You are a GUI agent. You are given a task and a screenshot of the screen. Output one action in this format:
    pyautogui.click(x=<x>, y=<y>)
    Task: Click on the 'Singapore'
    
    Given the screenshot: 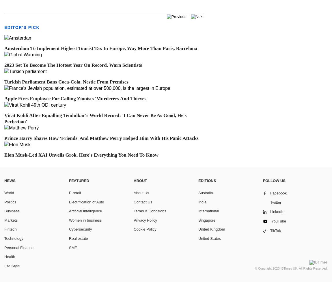 What is the action you would take?
    pyautogui.click(x=206, y=220)
    